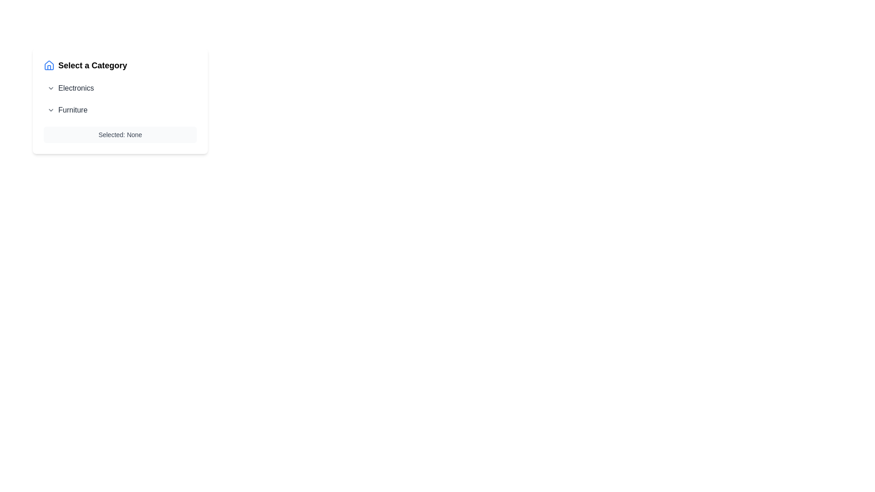 This screenshot has width=875, height=492. Describe the element at coordinates (120, 135) in the screenshot. I see `the text label that reads 'Selected: None', which is contained within a light gray rectangular box and is positioned at the bottom of the section titled 'Select a Category'` at that location.